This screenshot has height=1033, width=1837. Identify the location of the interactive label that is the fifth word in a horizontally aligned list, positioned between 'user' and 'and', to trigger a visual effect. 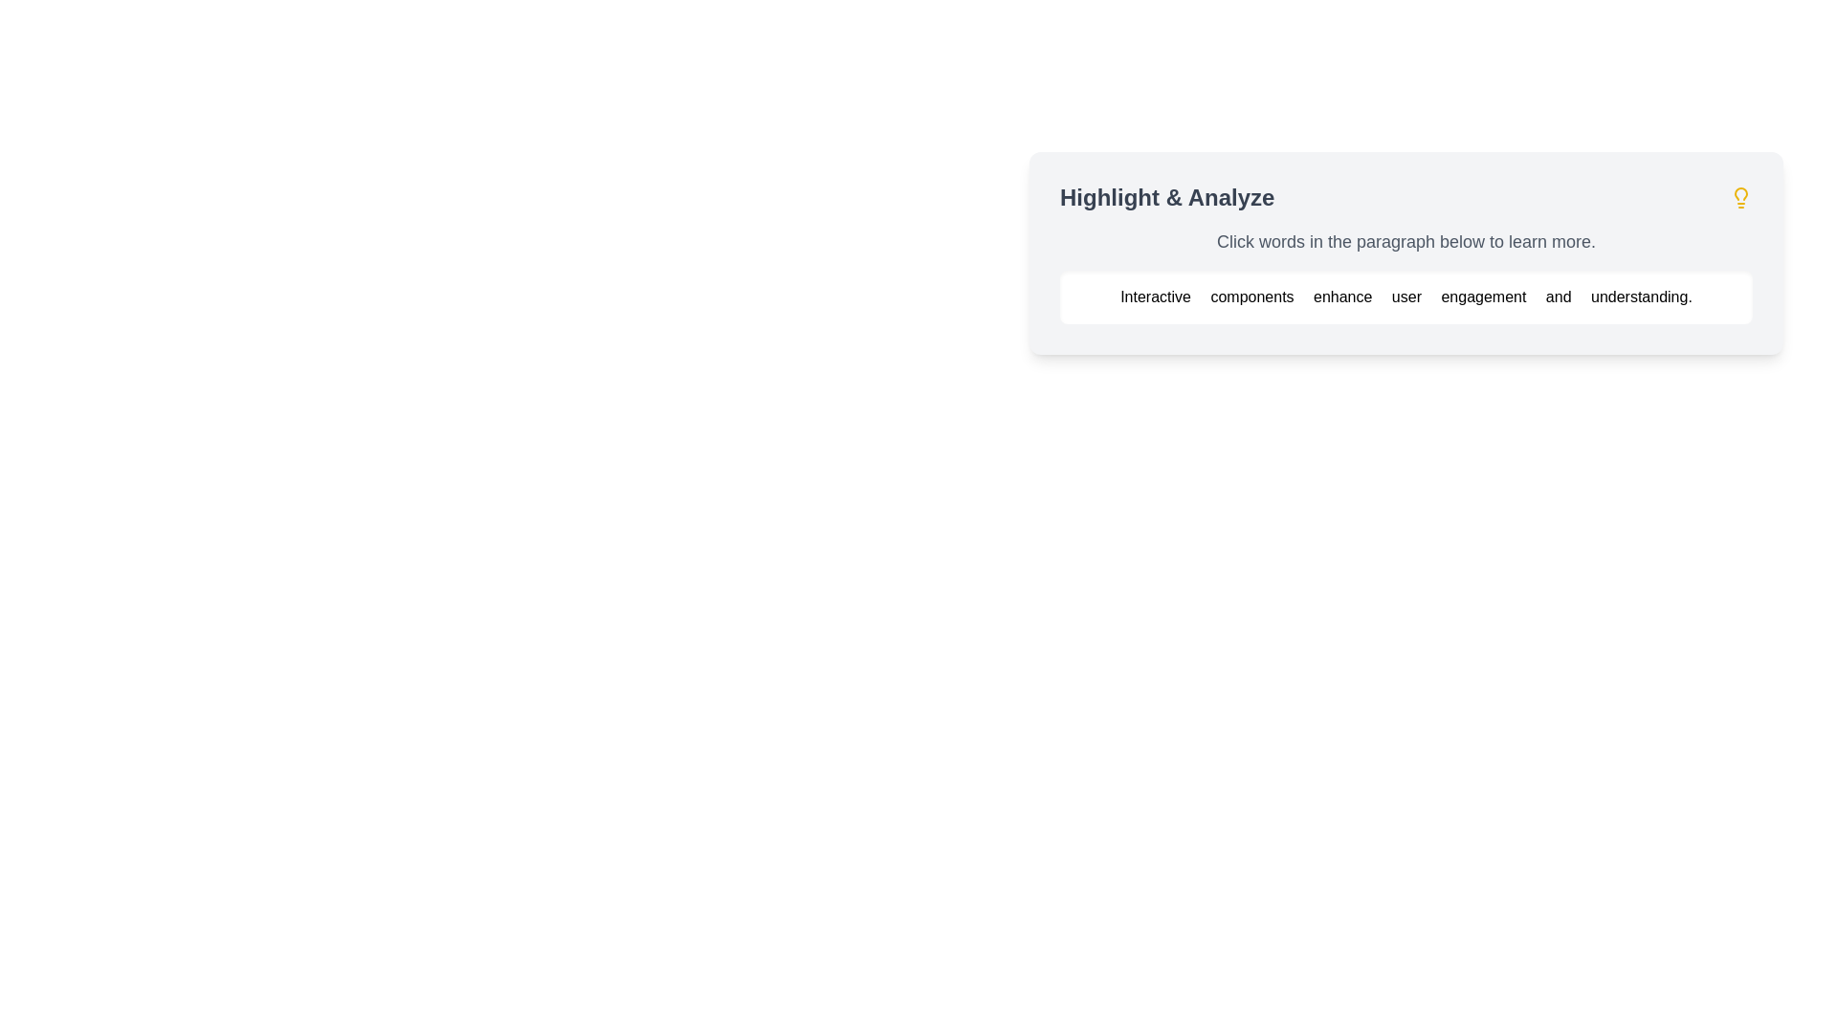
(1485, 297).